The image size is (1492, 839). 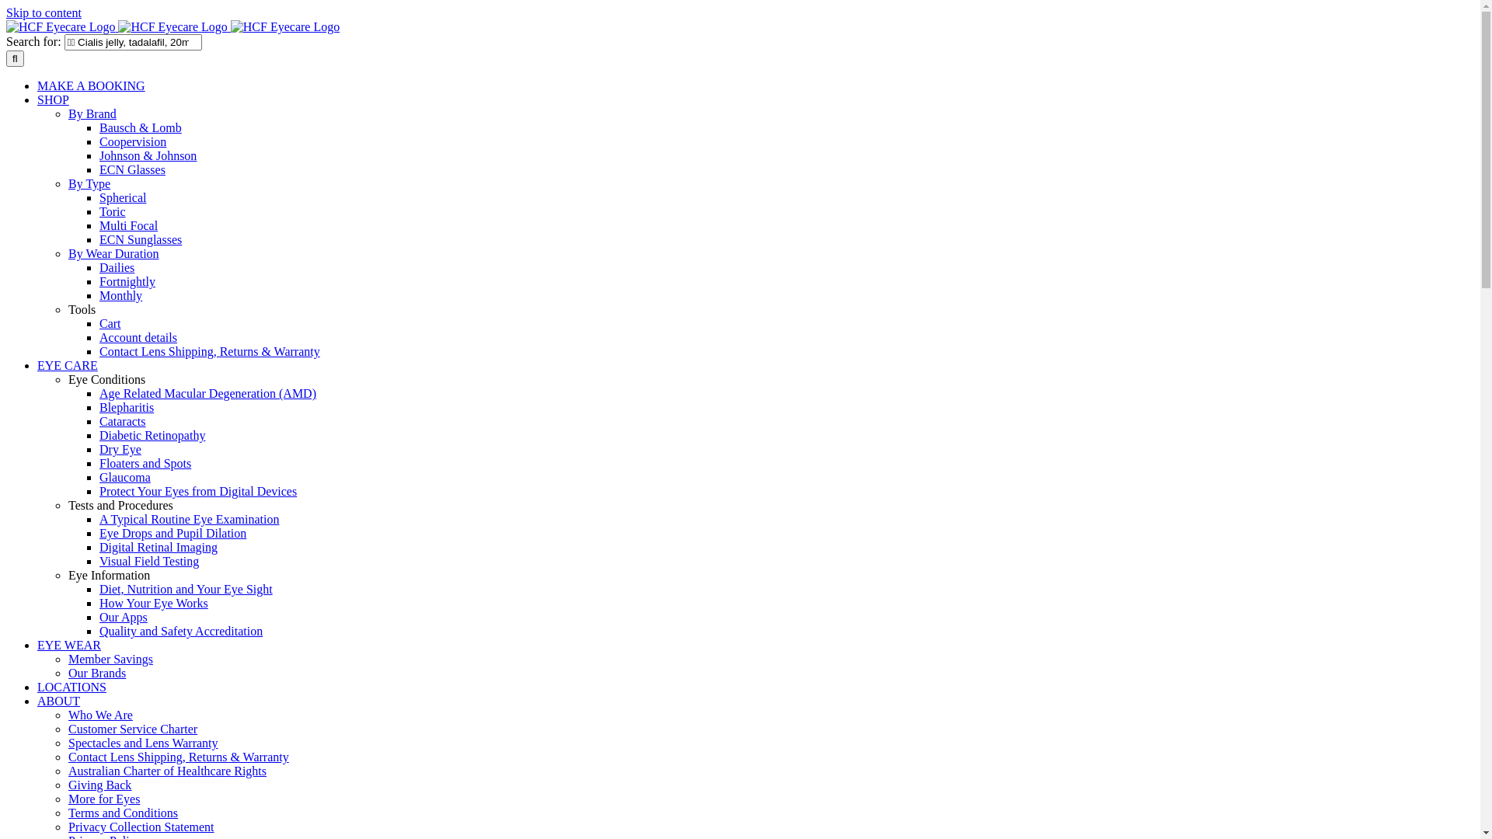 What do you see at coordinates (92, 113) in the screenshot?
I see `'By Brand'` at bounding box center [92, 113].